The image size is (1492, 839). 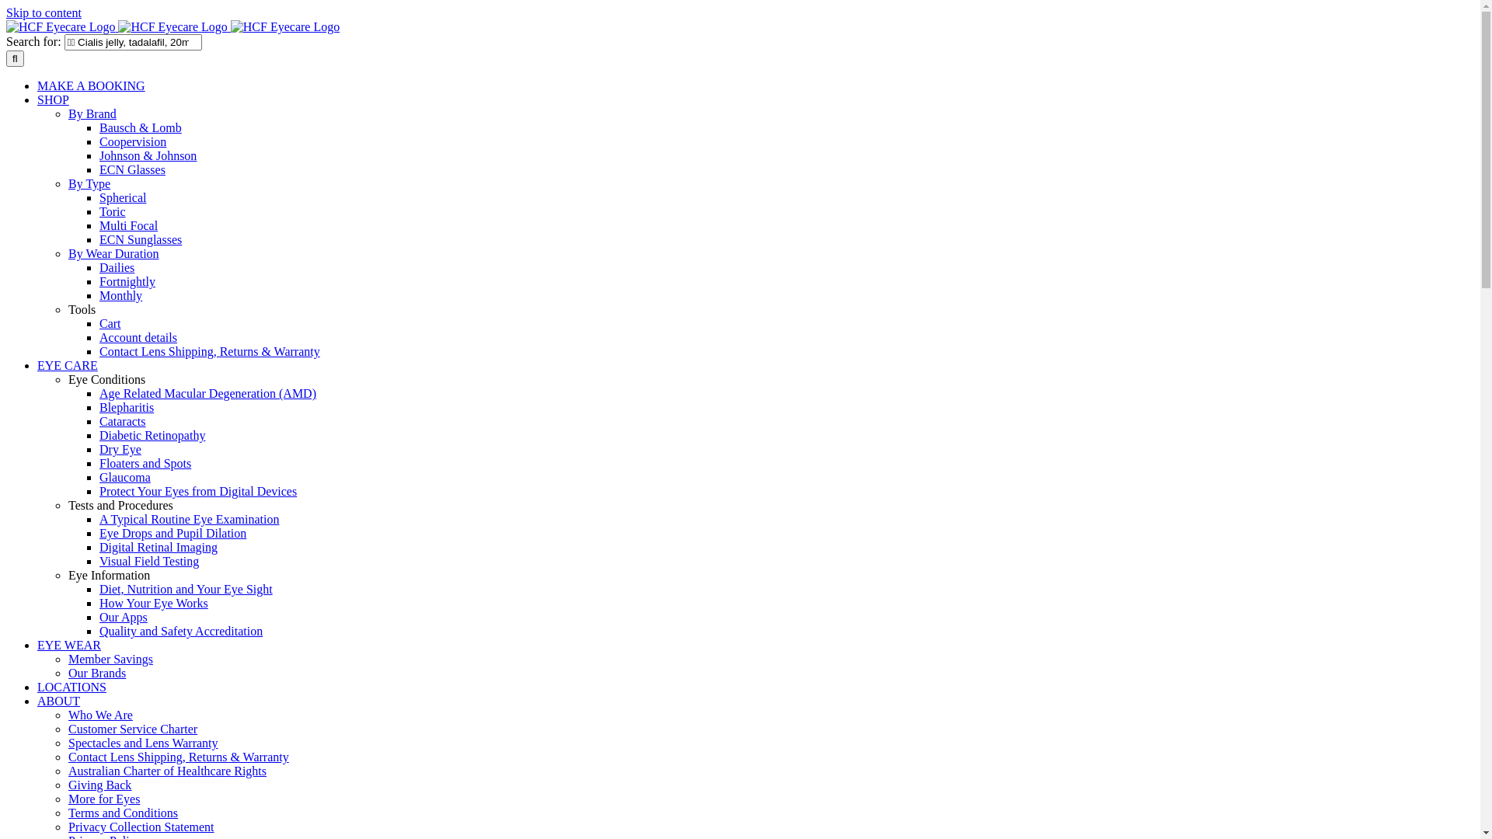 What do you see at coordinates (92, 113) in the screenshot?
I see `'By Brand'` at bounding box center [92, 113].